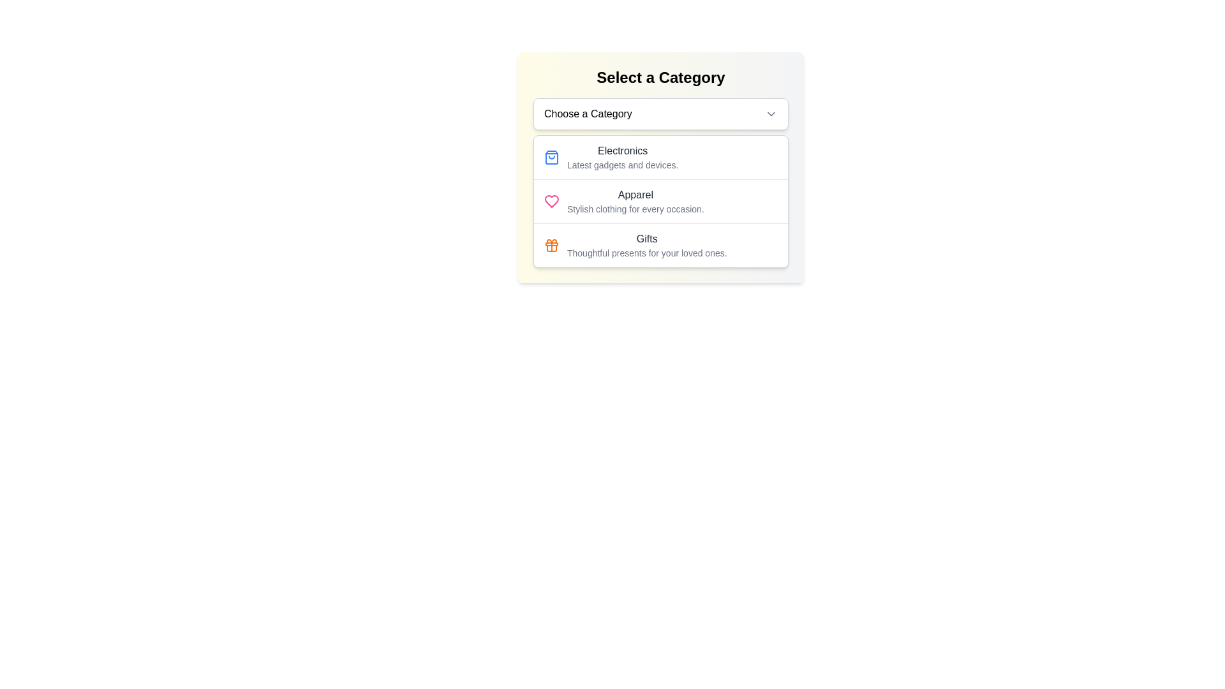 Image resolution: width=1225 pixels, height=689 pixels. Describe the element at coordinates (647, 246) in the screenshot. I see `the text block describing the 'Gifts' category, which is the third item in the vertical list under 'Select a Category,' positioned below 'Apparel' and next to a gift icon` at that location.